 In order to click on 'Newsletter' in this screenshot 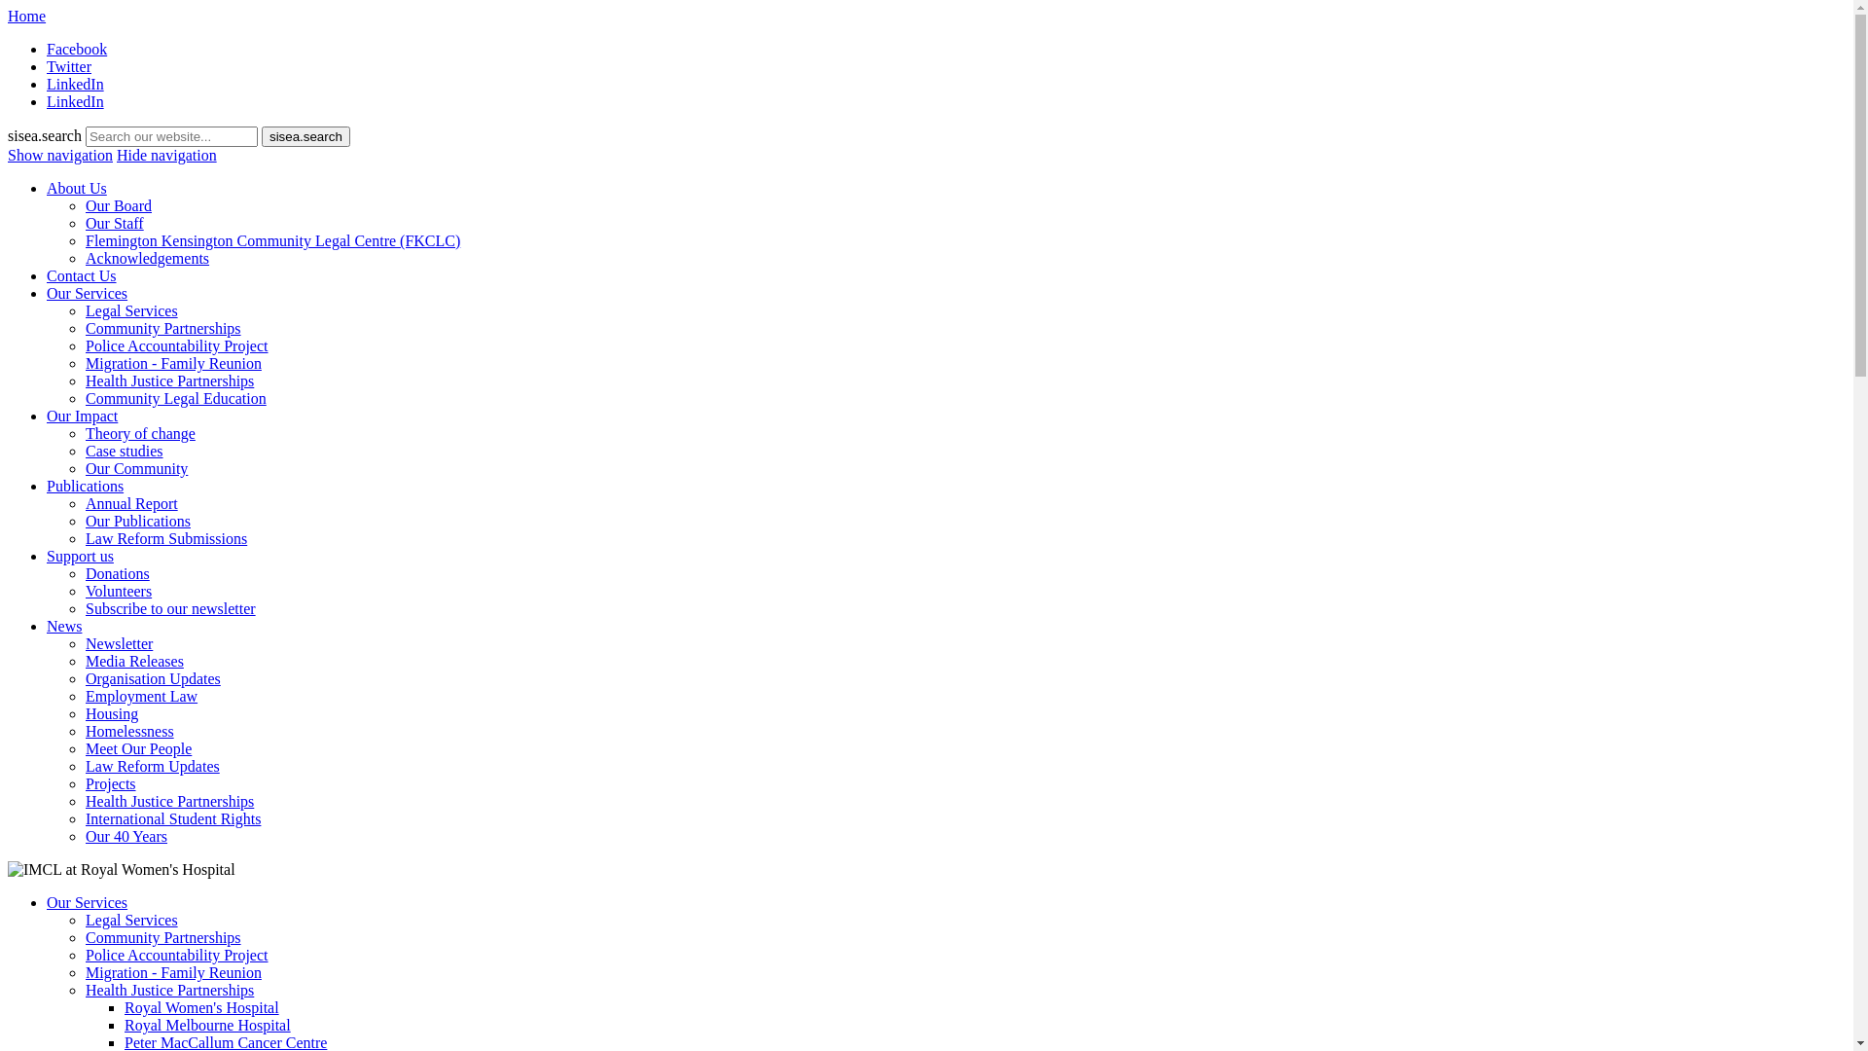, I will do `click(84, 643)`.